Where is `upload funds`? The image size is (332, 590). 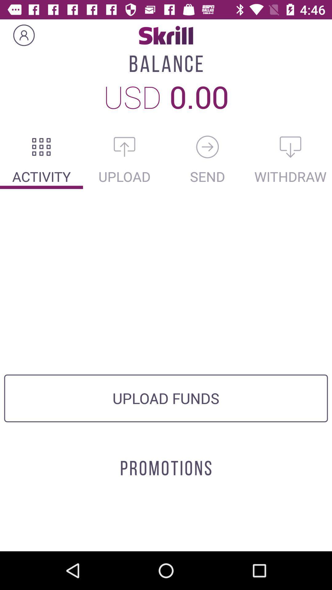
upload funds is located at coordinates (124, 147).